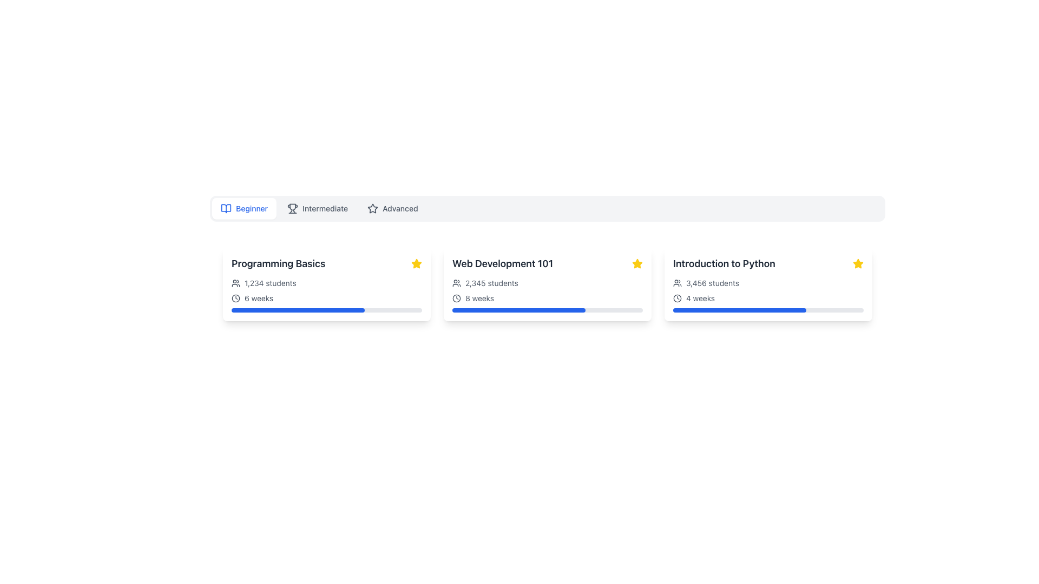 The height and width of the screenshot is (584, 1039). I want to click on the icon indicating the number of students associated with the 'Introduction to Python' course, located adjacent to the text '3,456 students' on its left, so click(677, 283).